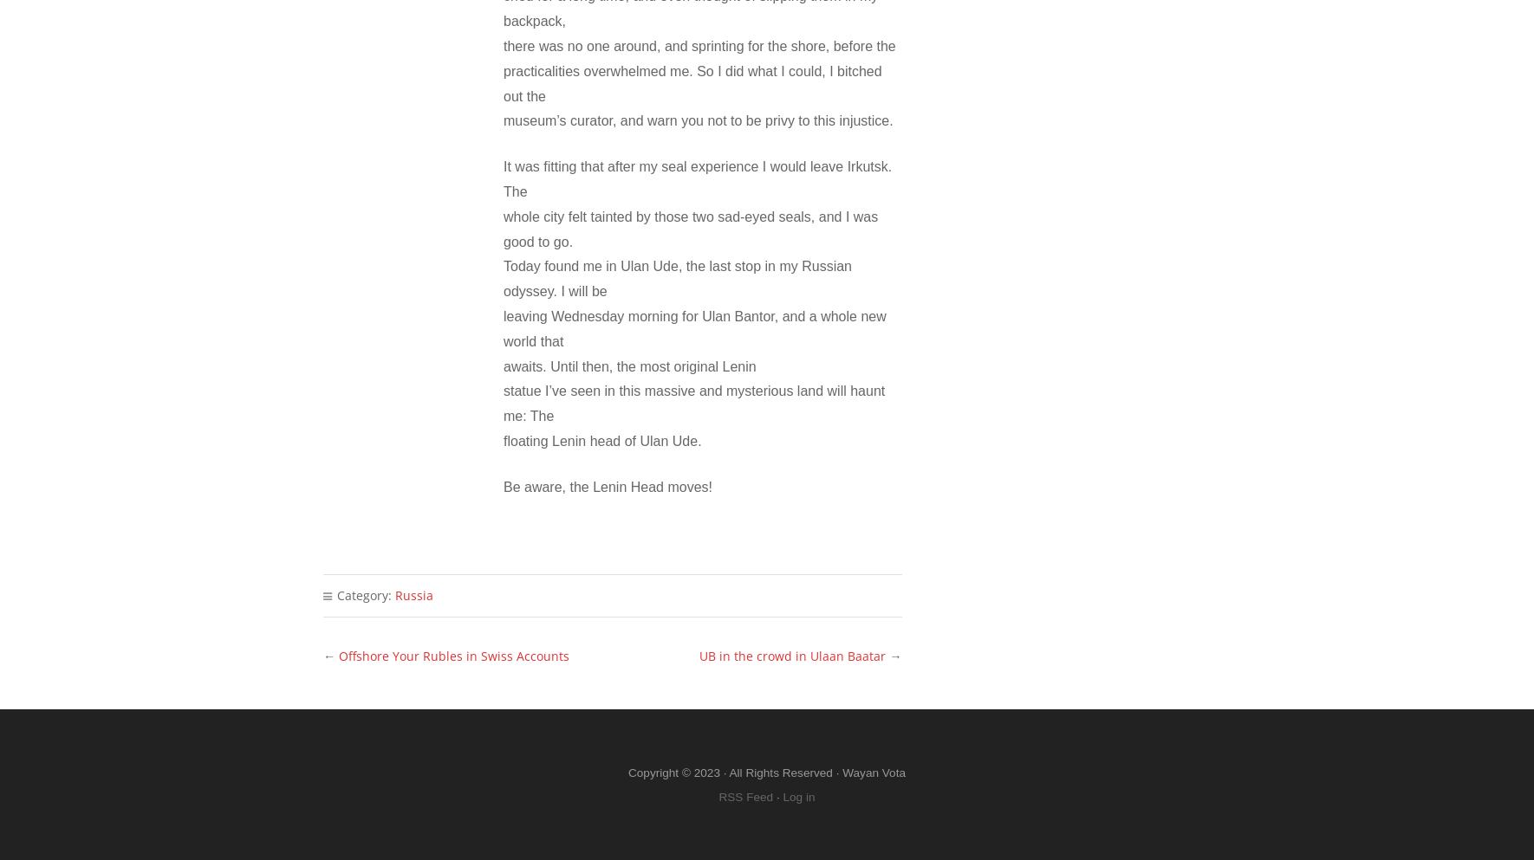  I want to click on 'awaits. Until then, the most original Lenin', so click(503, 365).